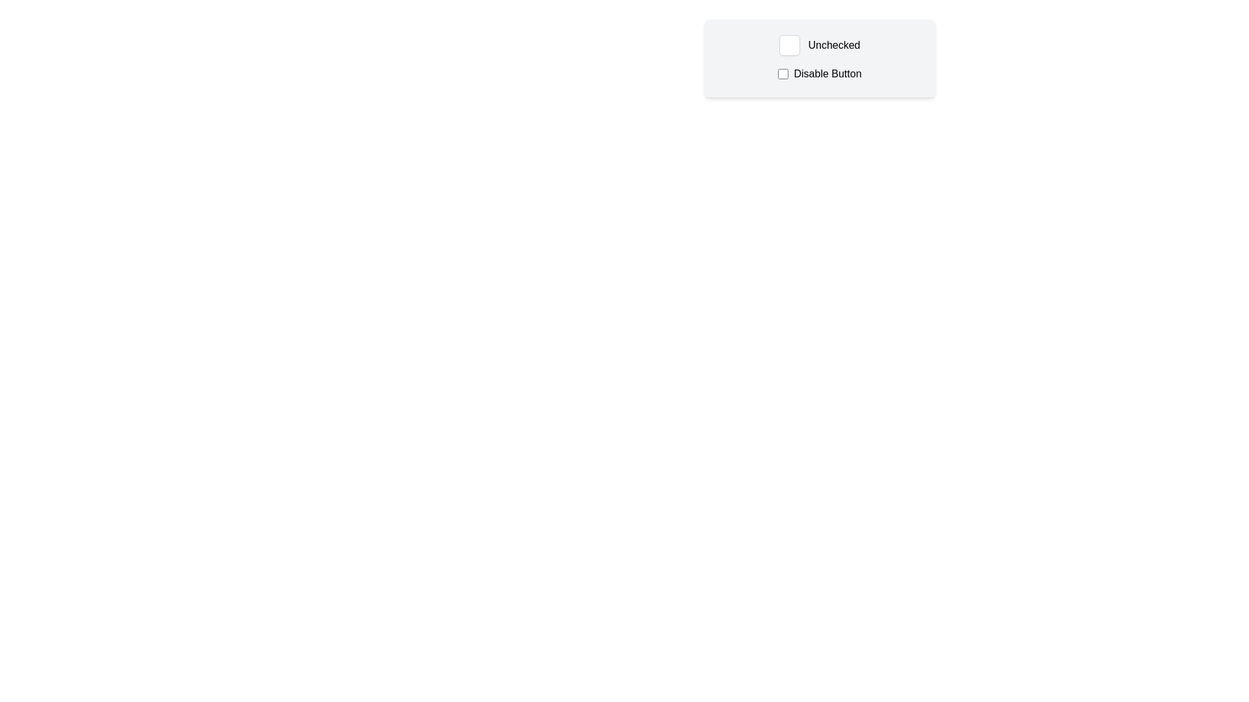 The image size is (1249, 702). Describe the element at coordinates (789, 44) in the screenshot. I see `the first radio button in the upper-middle section of the interface` at that location.